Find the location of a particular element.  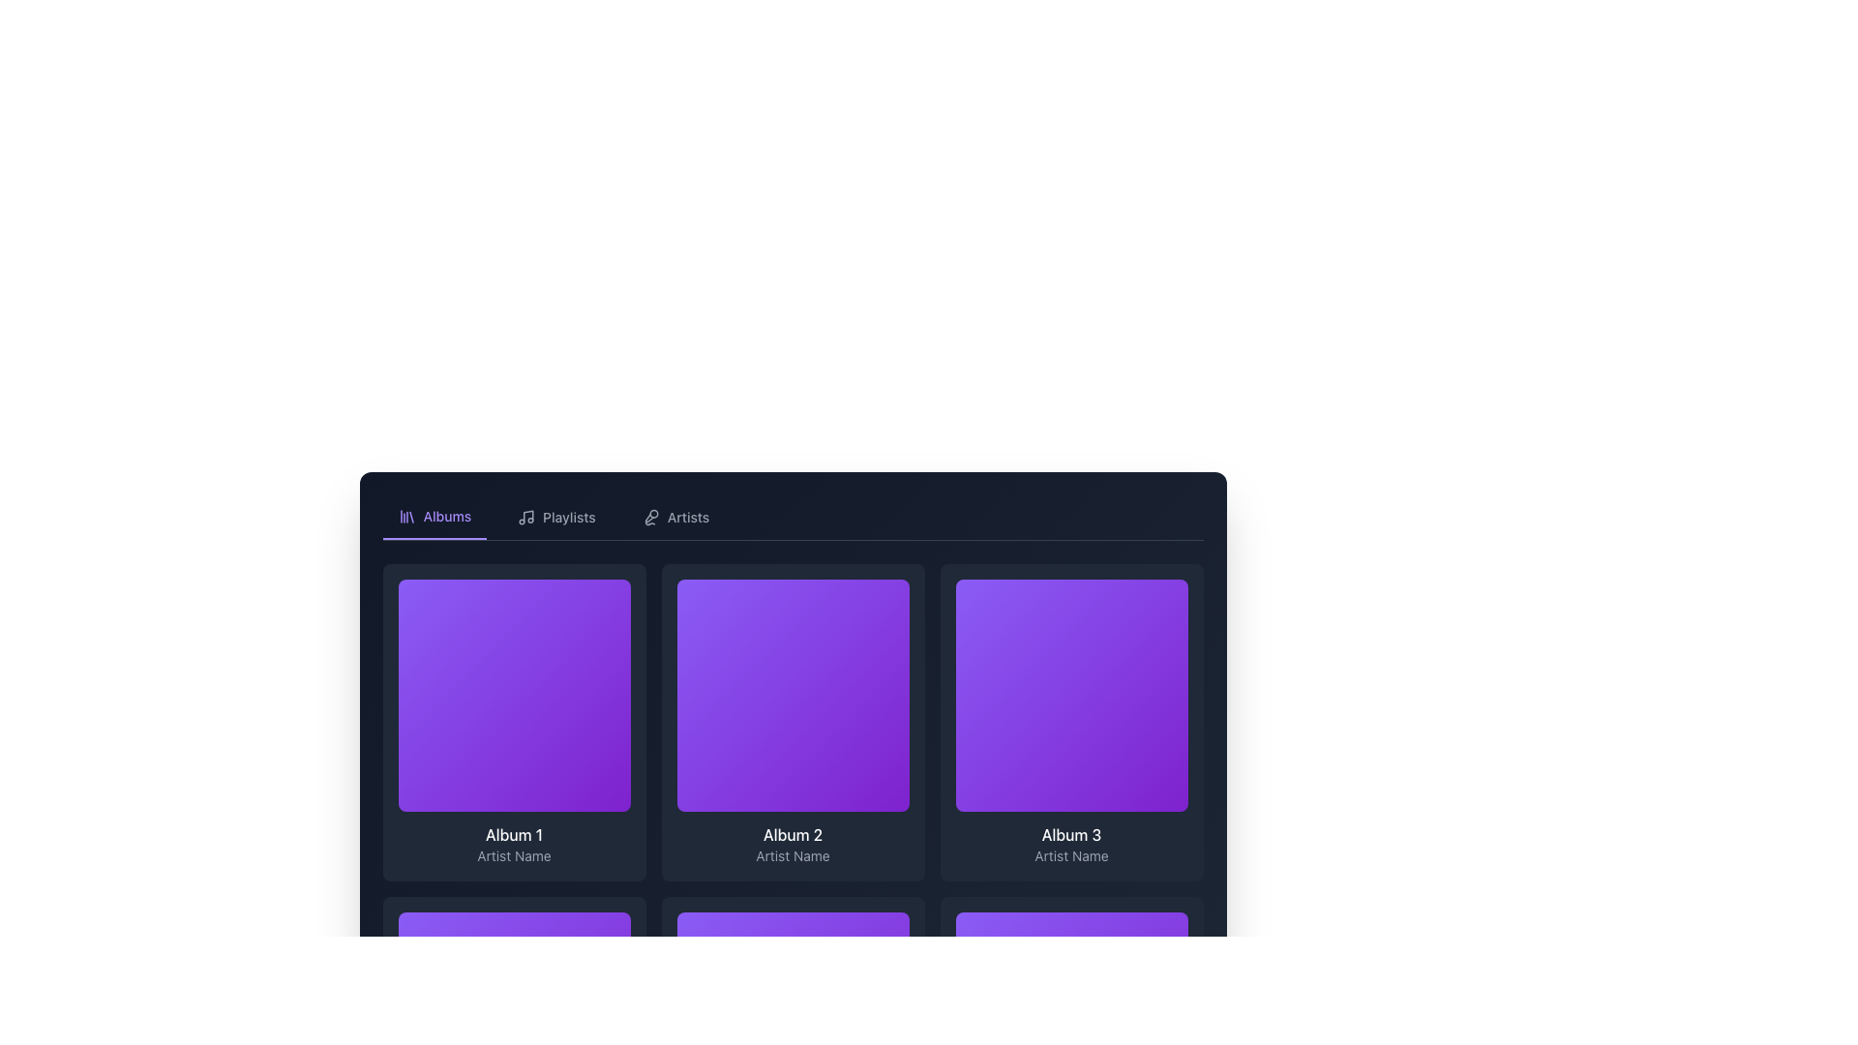

the 'Artists' navigation button located in the top-right section of the navigation bar, which is the third item following 'Albums' and 'Playlists' is located at coordinates (675, 517).